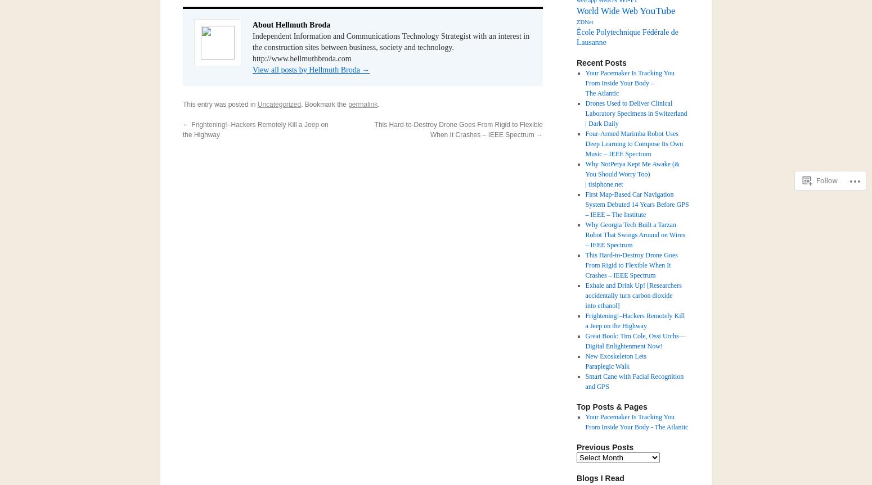  Describe the element at coordinates (627, 37) in the screenshot. I see `'École Polytechnique Fédérale de Lausanne'` at that location.